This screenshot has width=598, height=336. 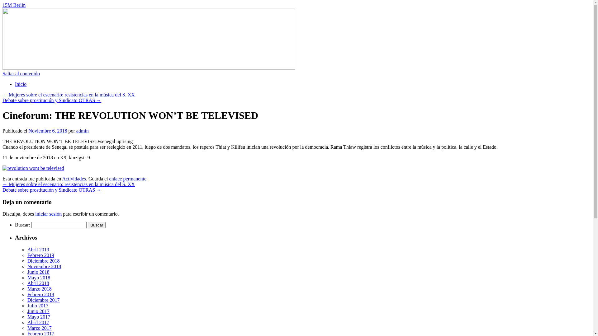 I want to click on 'Noviembre 6, 2018', so click(x=47, y=130).